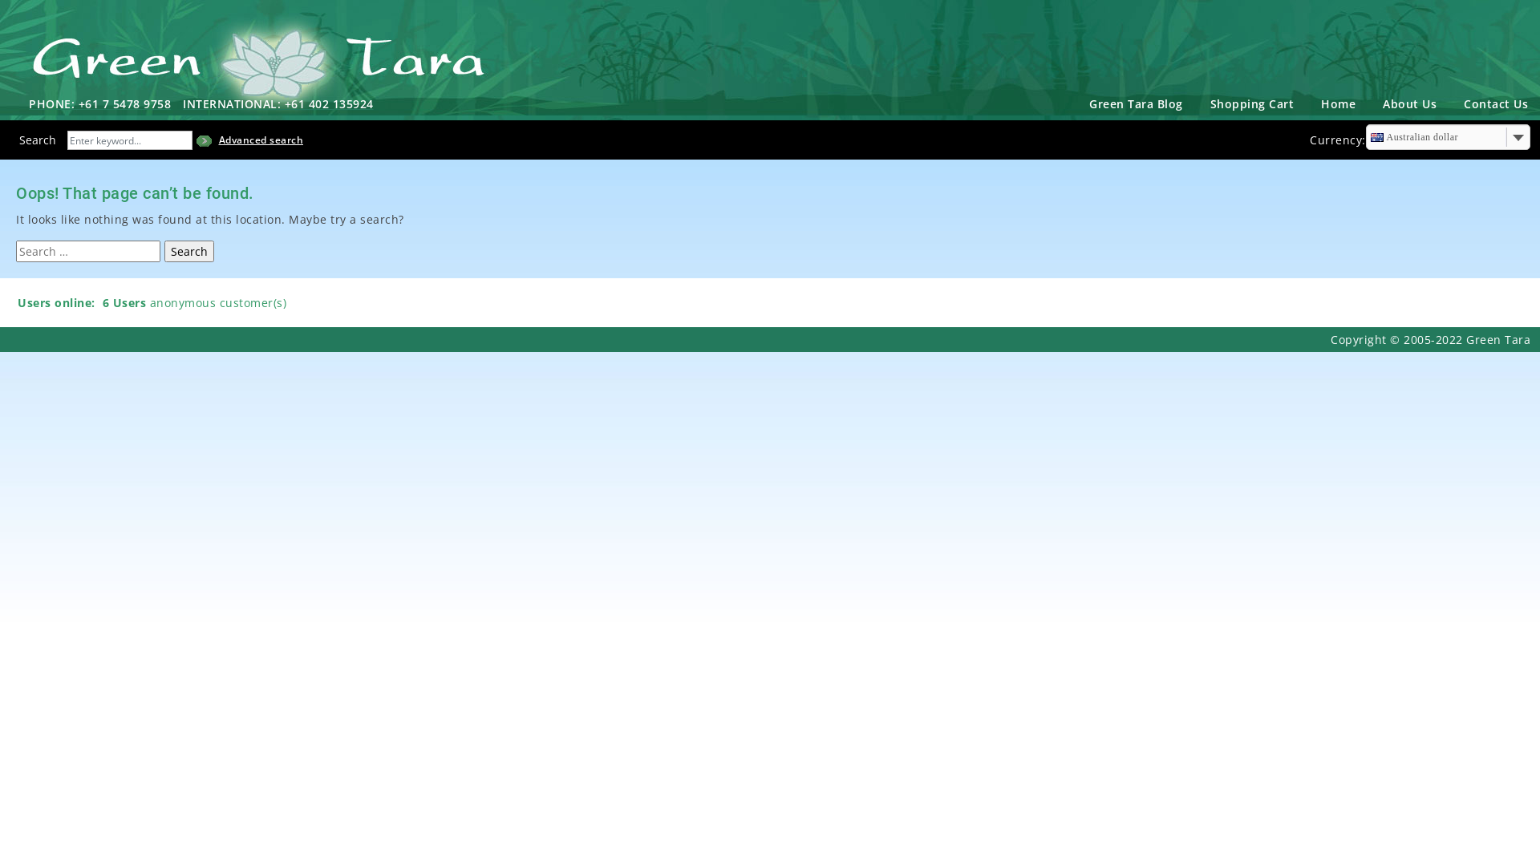  Describe the element at coordinates (1251, 103) in the screenshot. I see `'Shopping Cart'` at that location.